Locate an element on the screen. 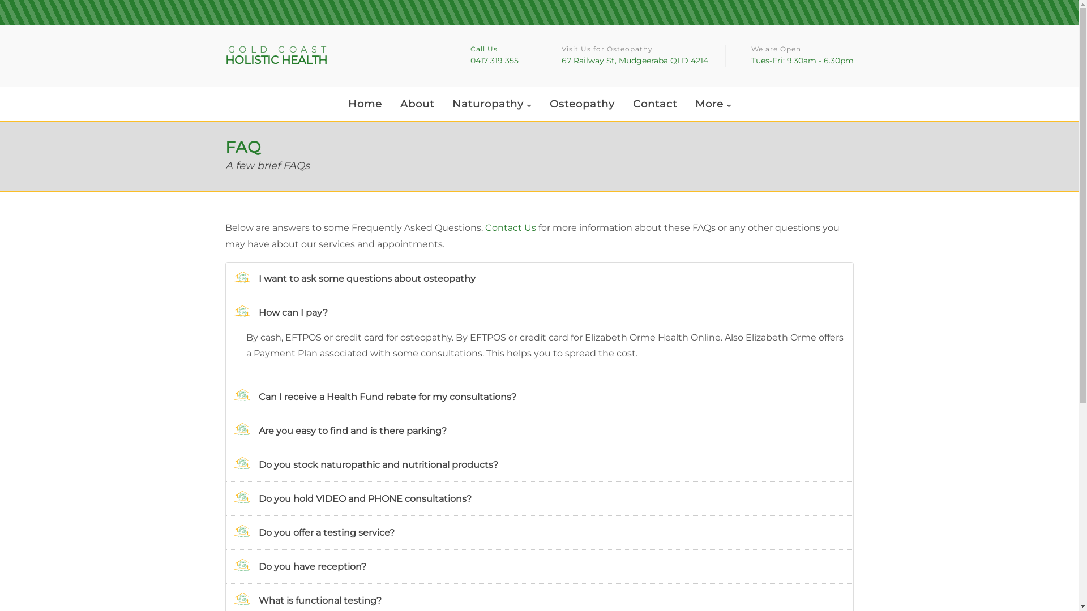  'More' is located at coordinates (712, 105).